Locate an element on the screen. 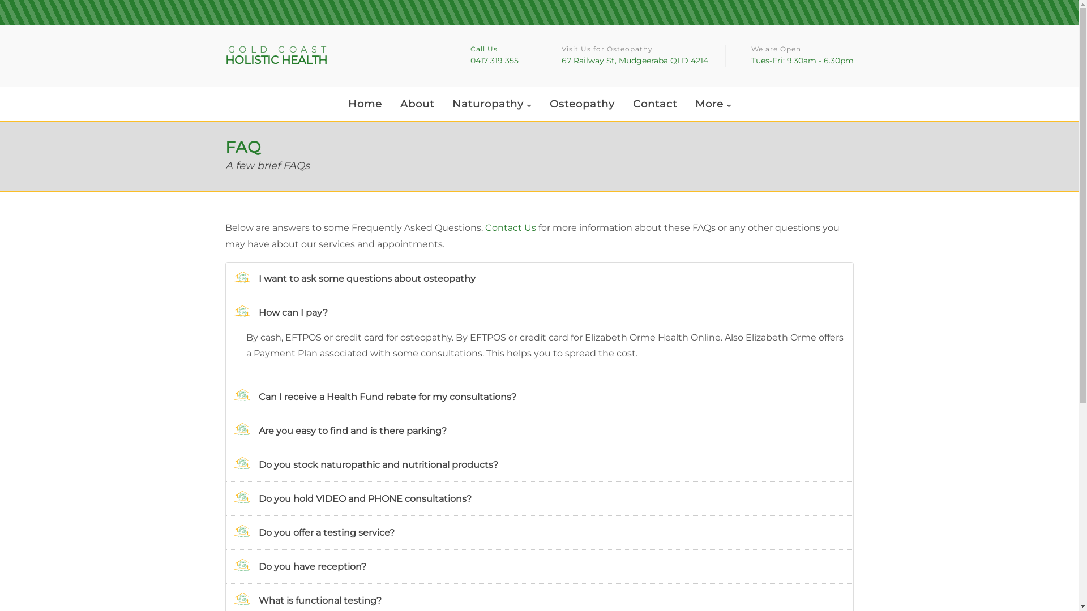  'More' is located at coordinates (712, 105).